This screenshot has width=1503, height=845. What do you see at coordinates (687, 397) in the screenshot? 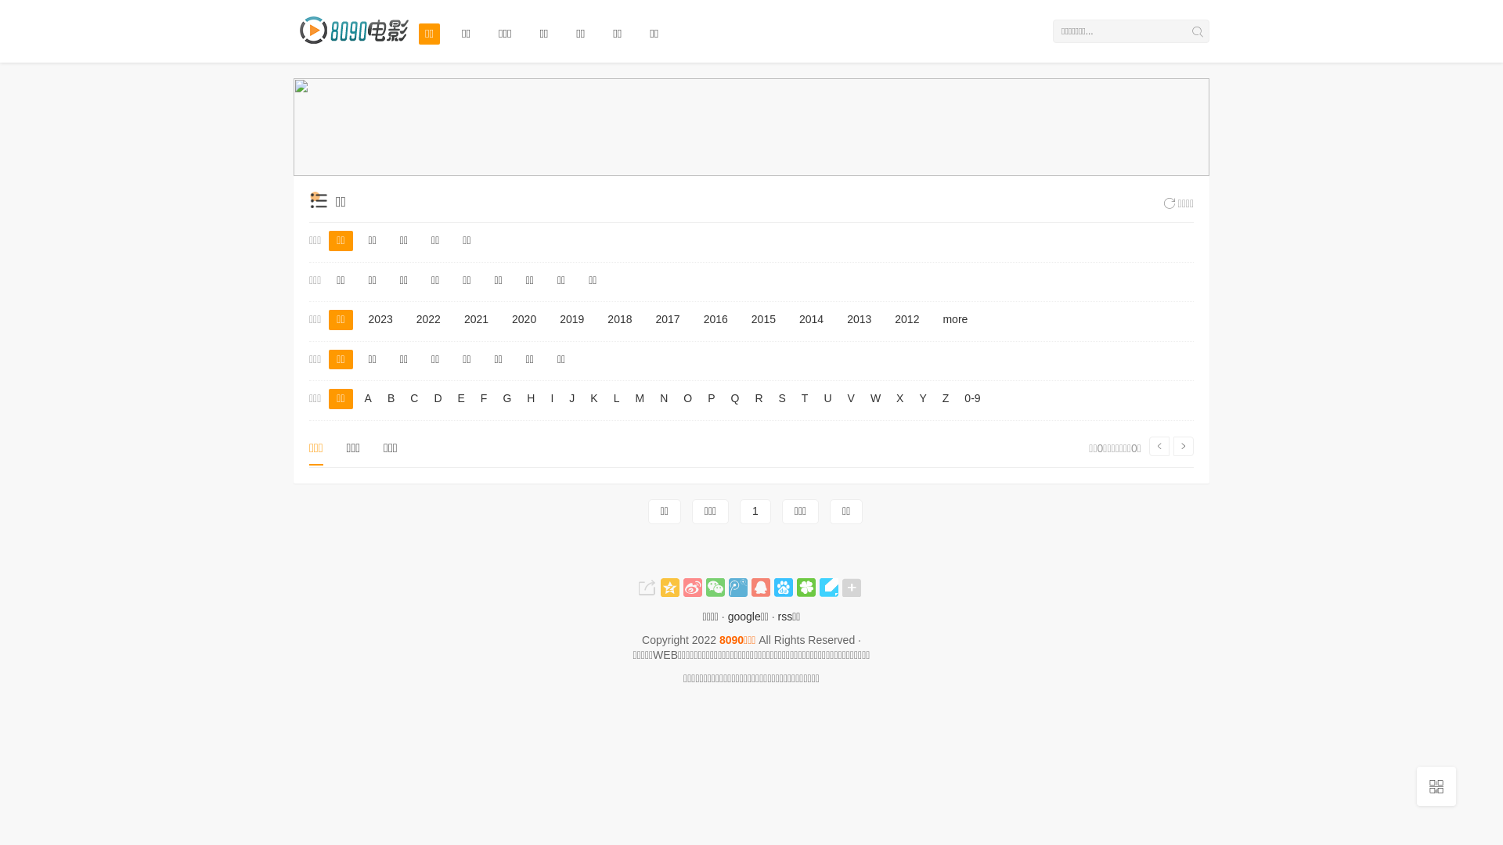
I see `'O'` at bounding box center [687, 397].